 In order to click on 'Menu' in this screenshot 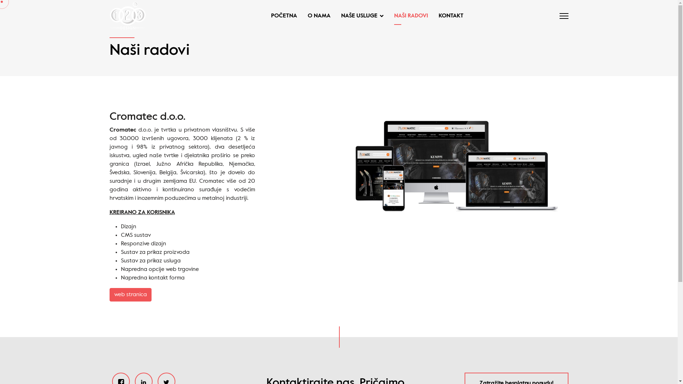, I will do `click(558, 16)`.